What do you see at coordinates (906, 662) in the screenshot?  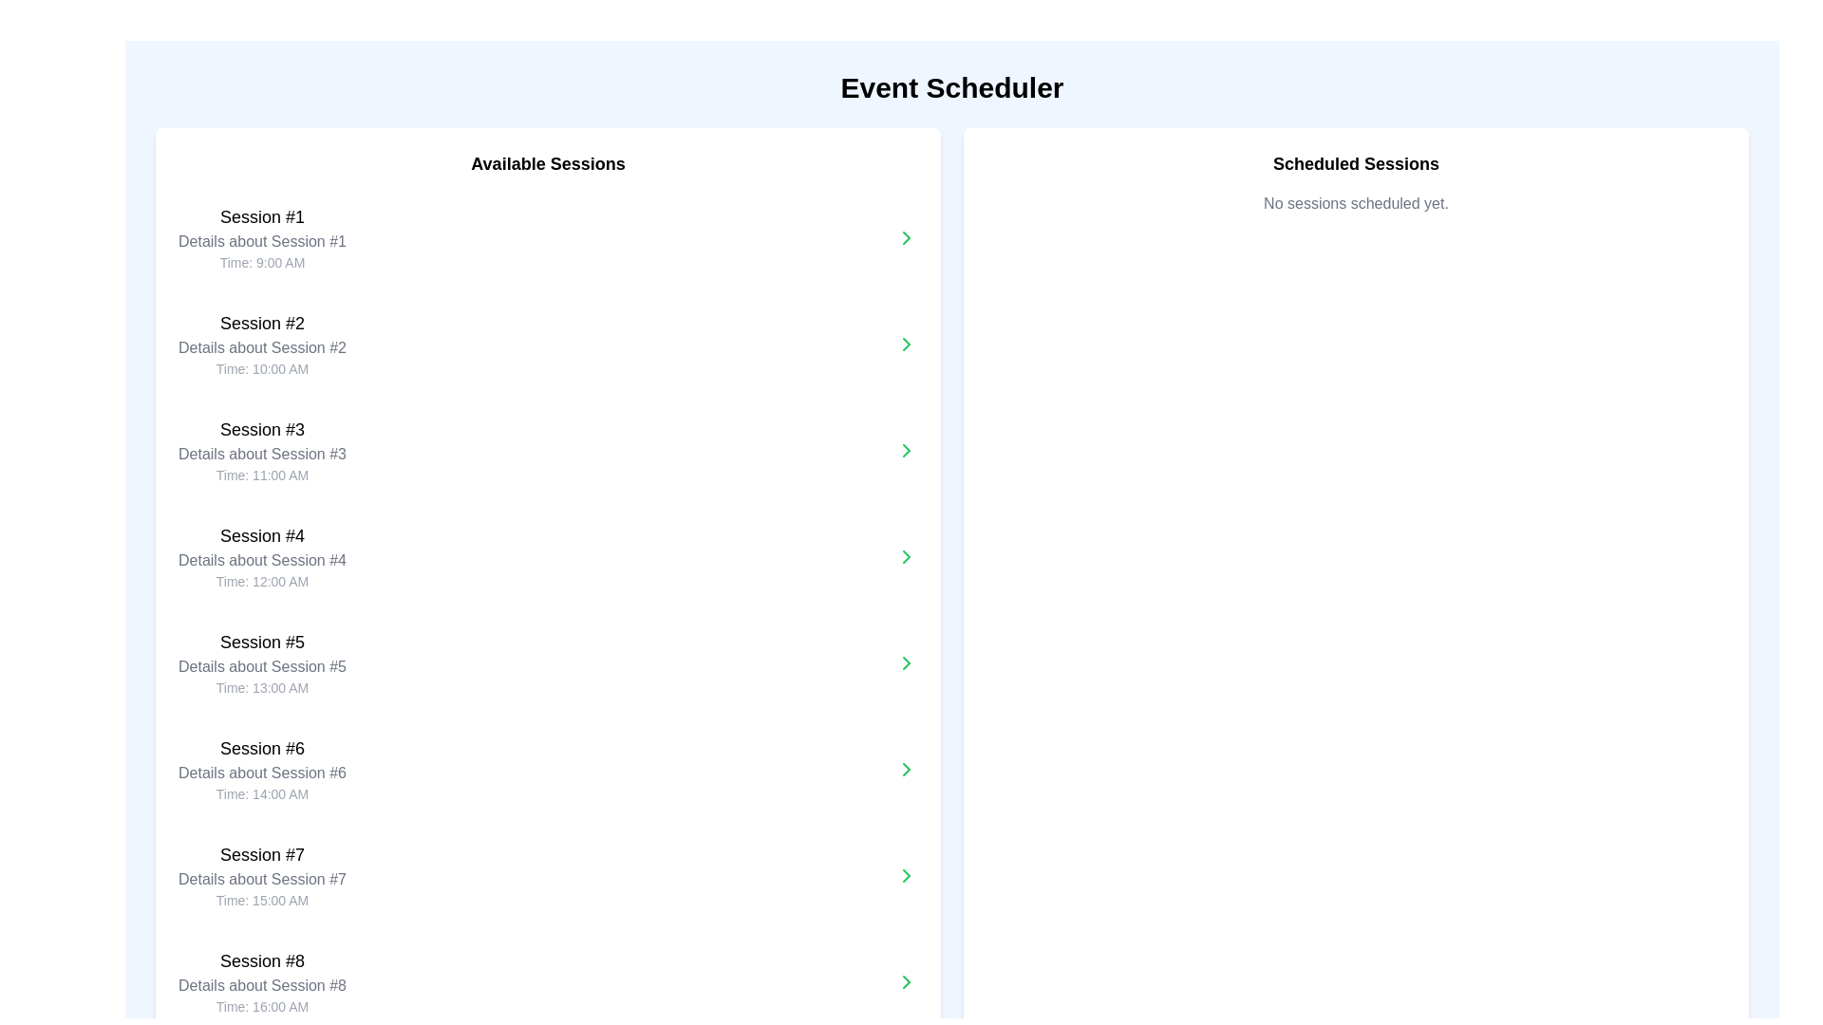 I see `the green forward arrow button associated with 'Session #5'` at bounding box center [906, 662].